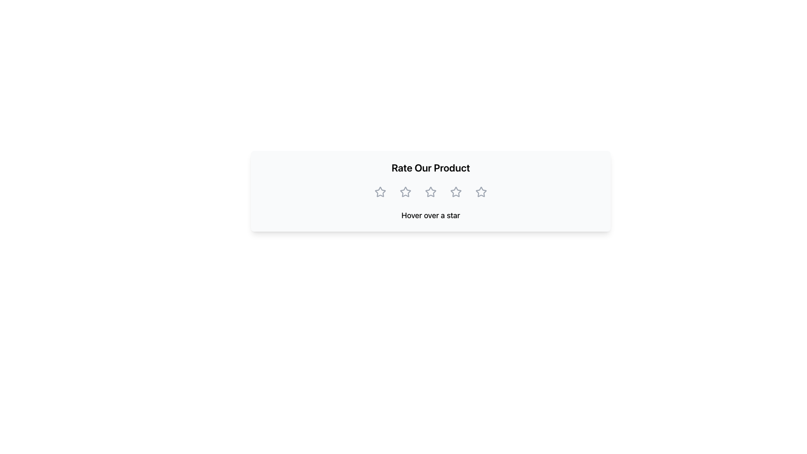  I want to click on the fifth star icon used for the highest level of rating in the 1-to-5 rating system, located below 'Rate Our Product.', so click(481, 192).